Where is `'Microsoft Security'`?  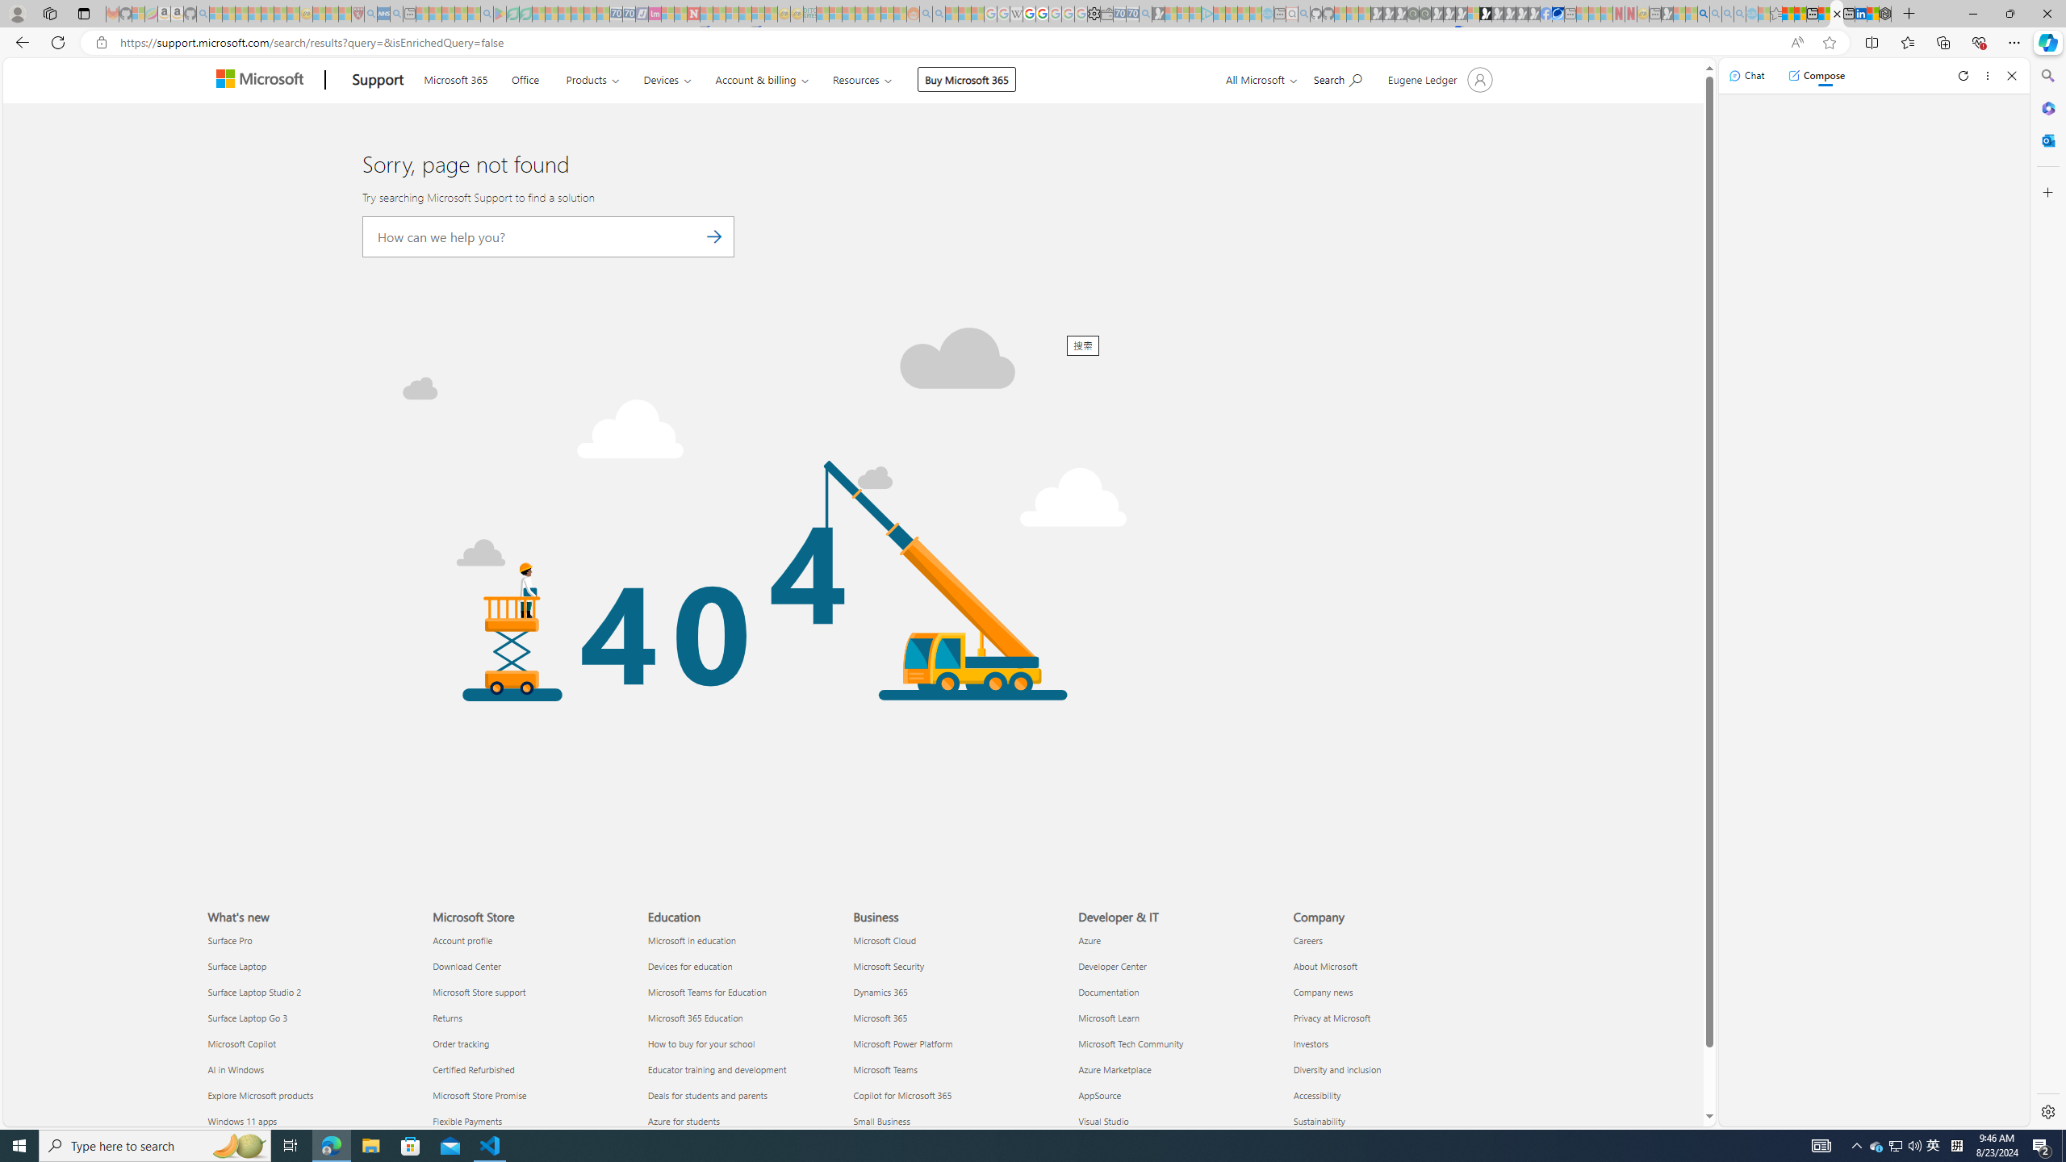 'Microsoft Security' is located at coordinates (956, 965).